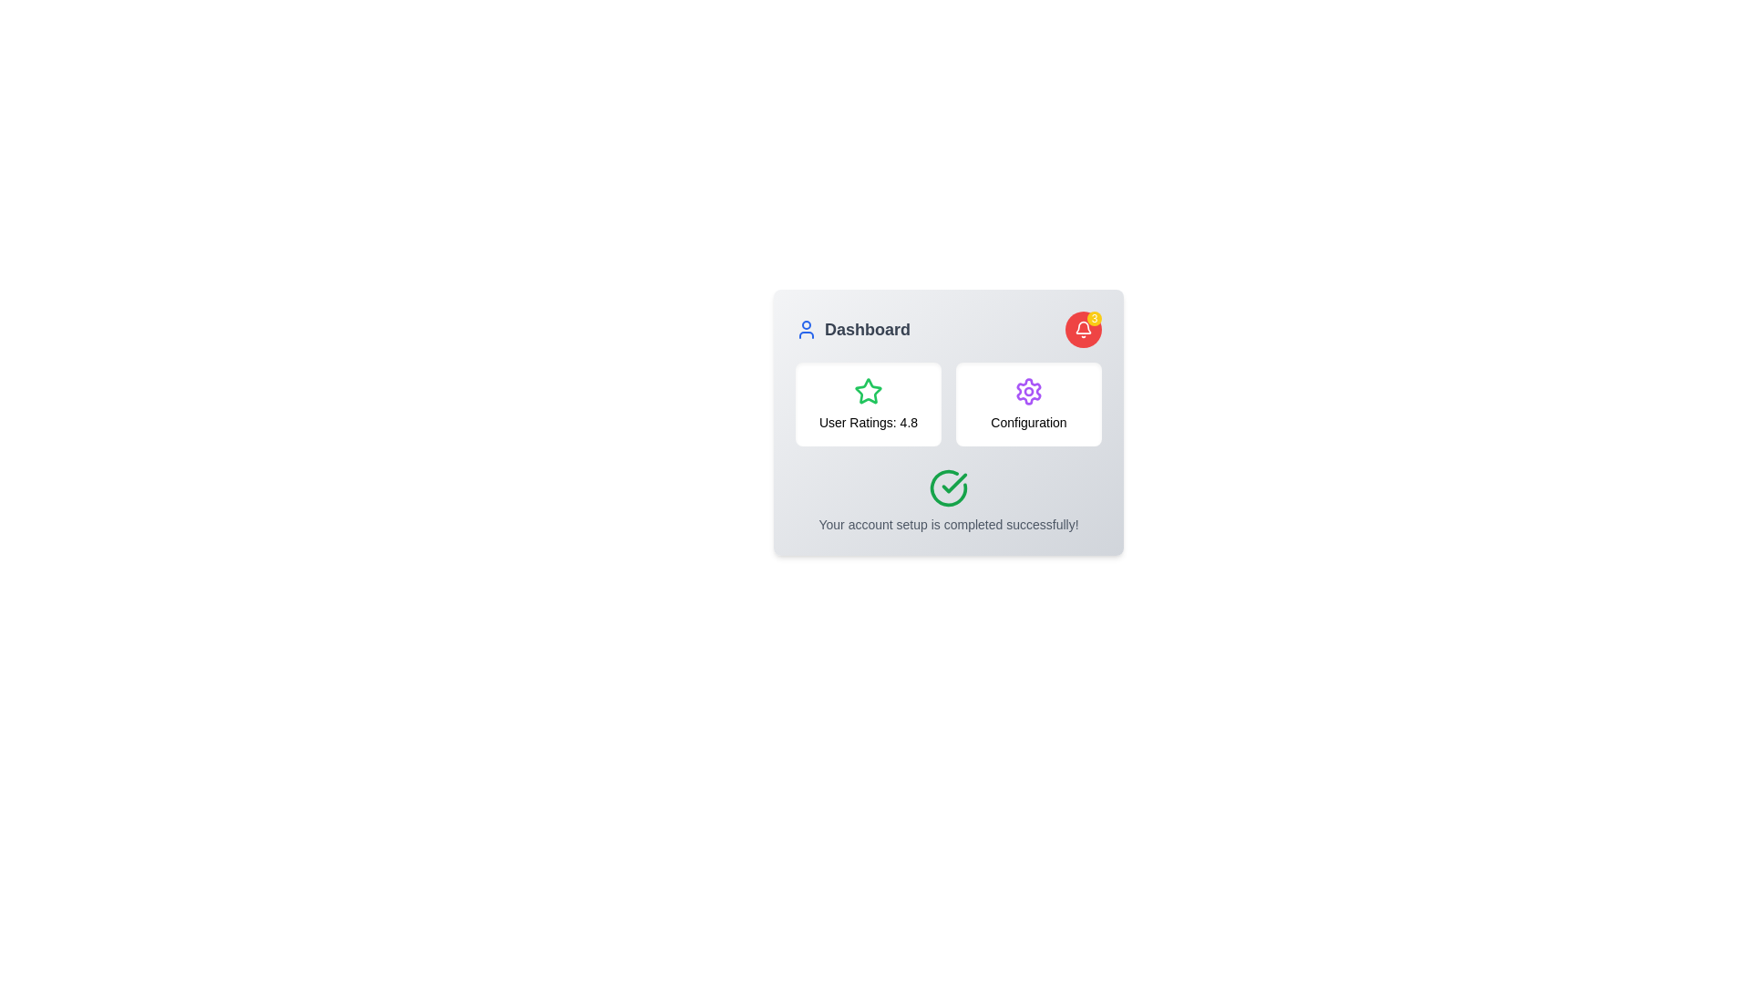  I want to click on the green checkmark icon within a circular border located in the confirmation section of the card-like component, so click(953, 482).